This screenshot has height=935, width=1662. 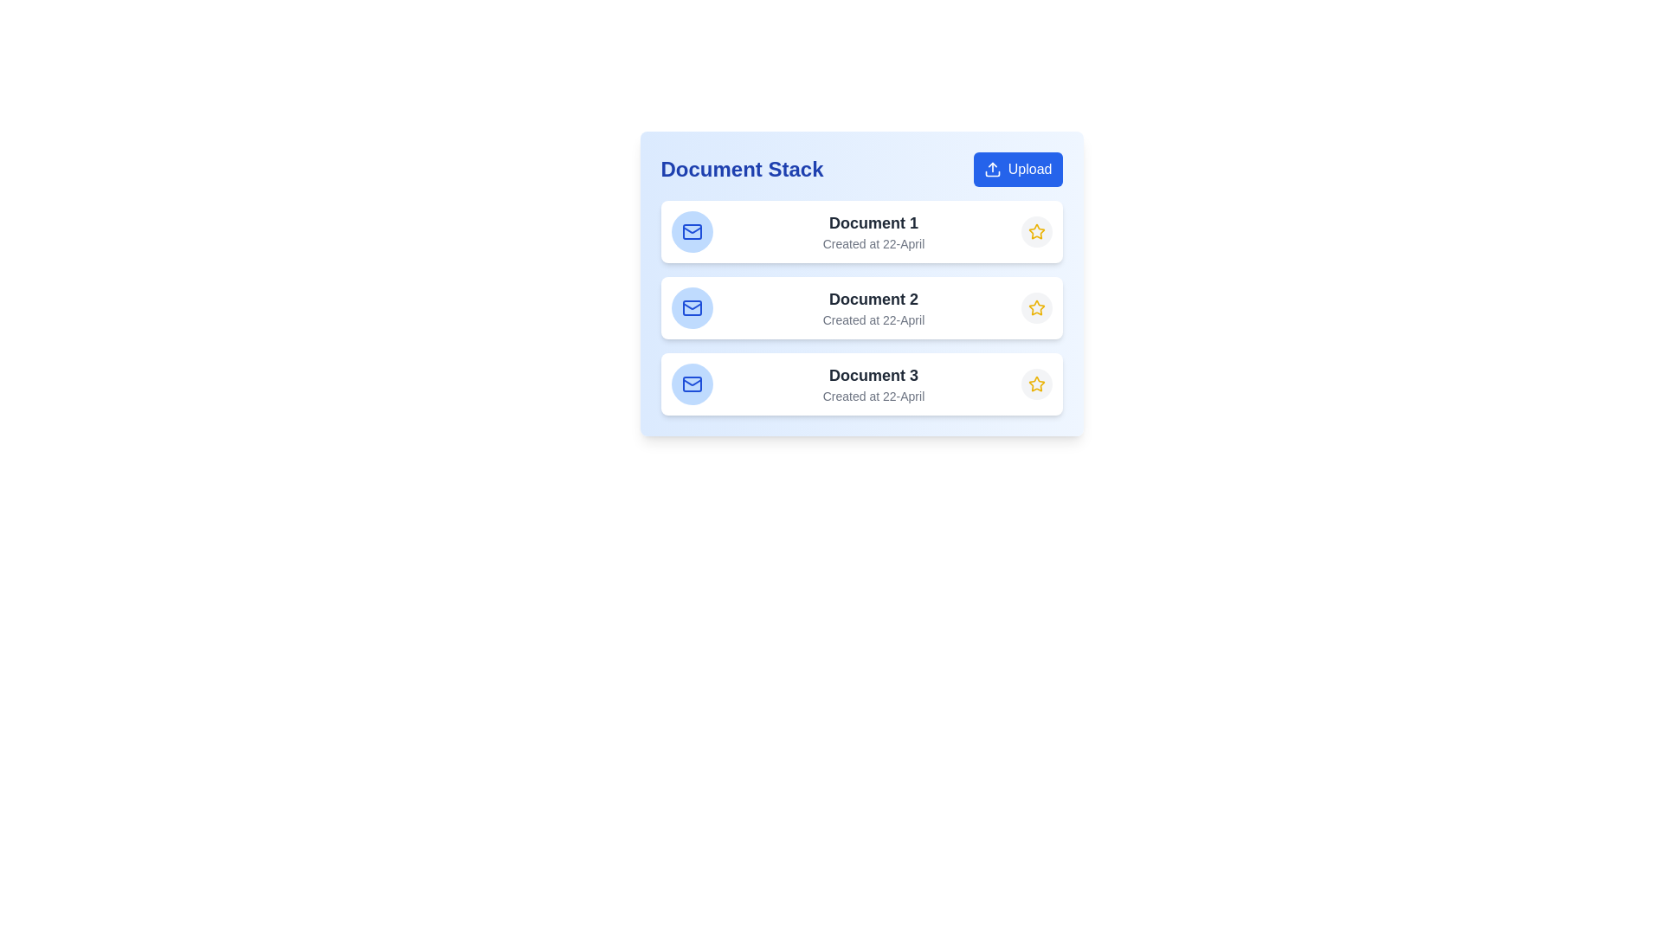 What do you see at coordinates (873, 383) in the screenshot?
I see `the Text display element that shows 'Document 3' with the smaller text 'Created at 22-April', which is centered in a white box with rounded corners` at bounding box center [873, 383].